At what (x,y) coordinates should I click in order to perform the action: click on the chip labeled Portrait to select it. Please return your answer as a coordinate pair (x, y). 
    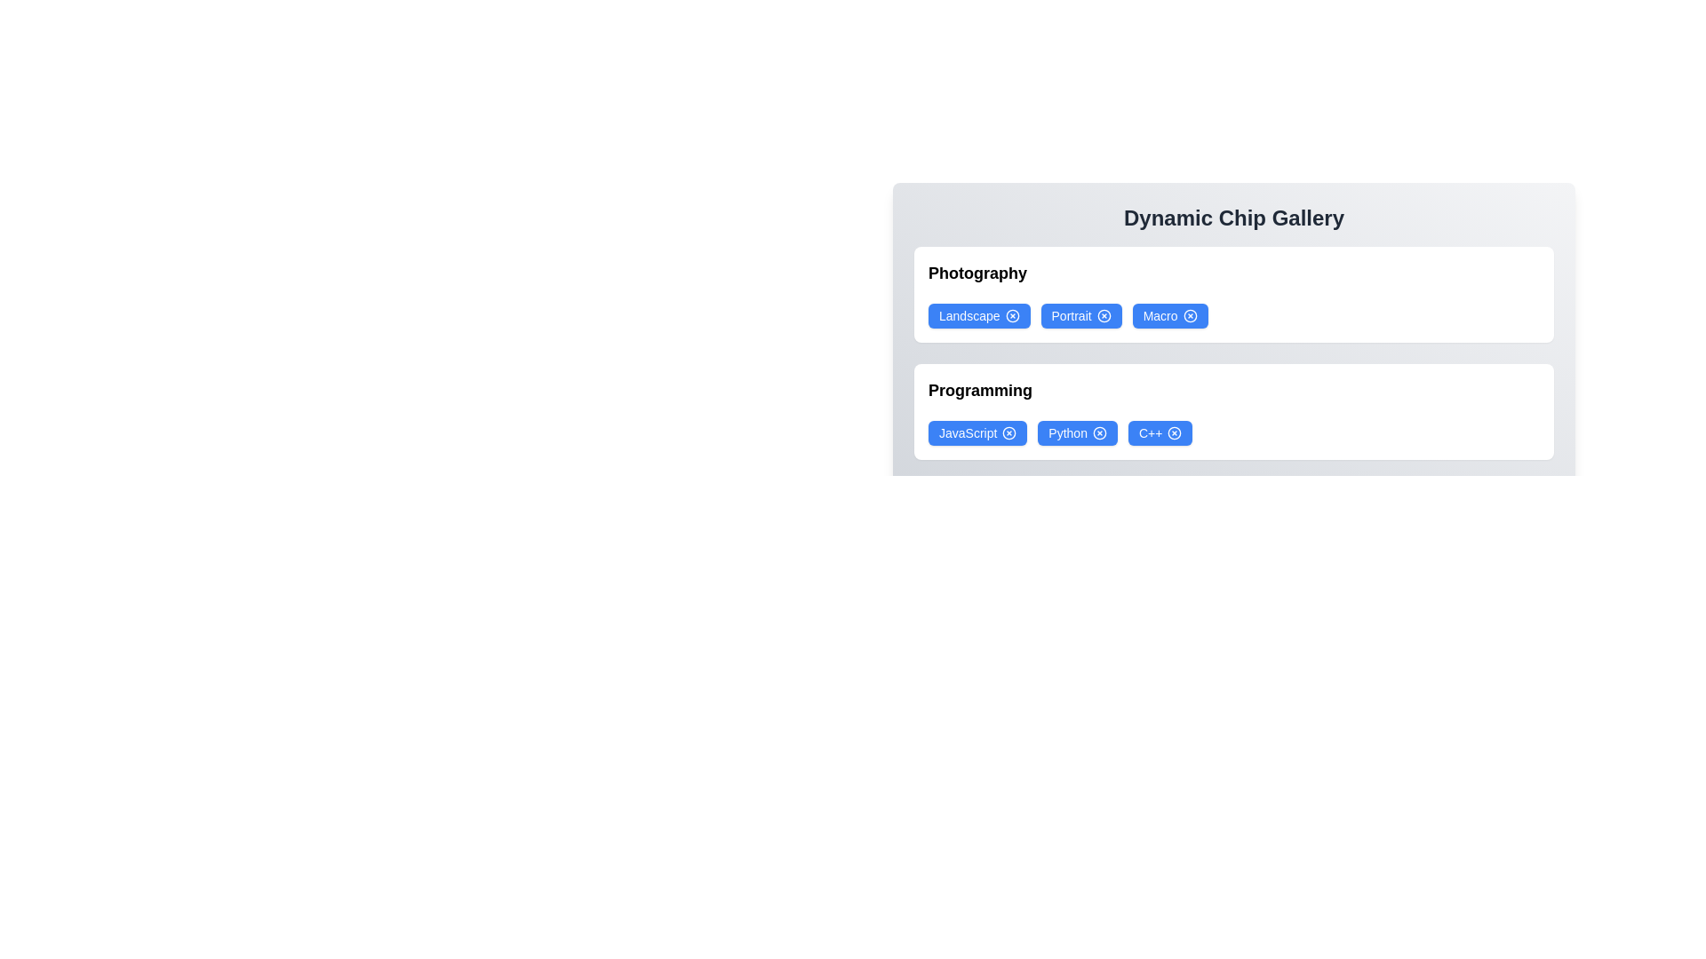
    Looking at the image, I should click on (1080, 314).